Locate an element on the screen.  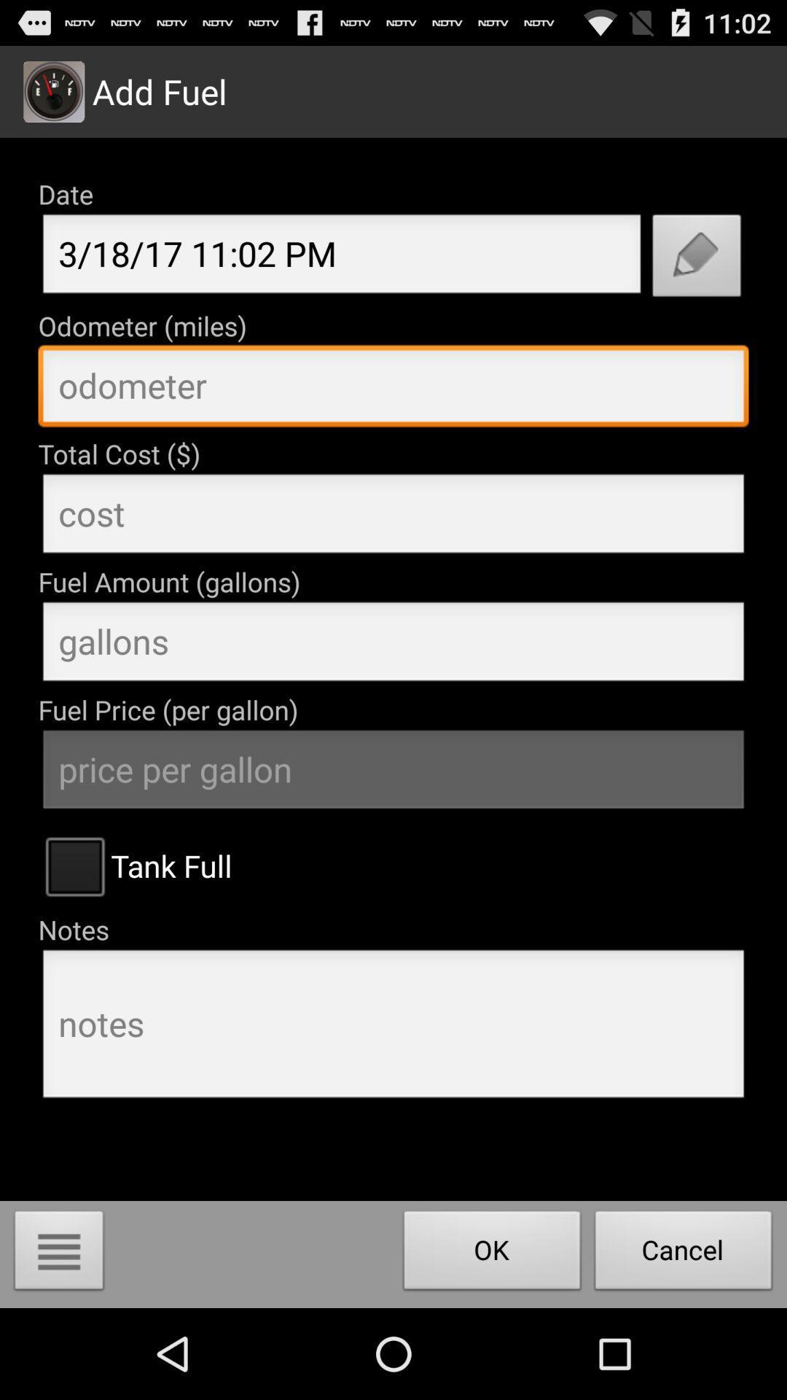
move to the field below fuel amountgallons is located at coordinates (393, 645).